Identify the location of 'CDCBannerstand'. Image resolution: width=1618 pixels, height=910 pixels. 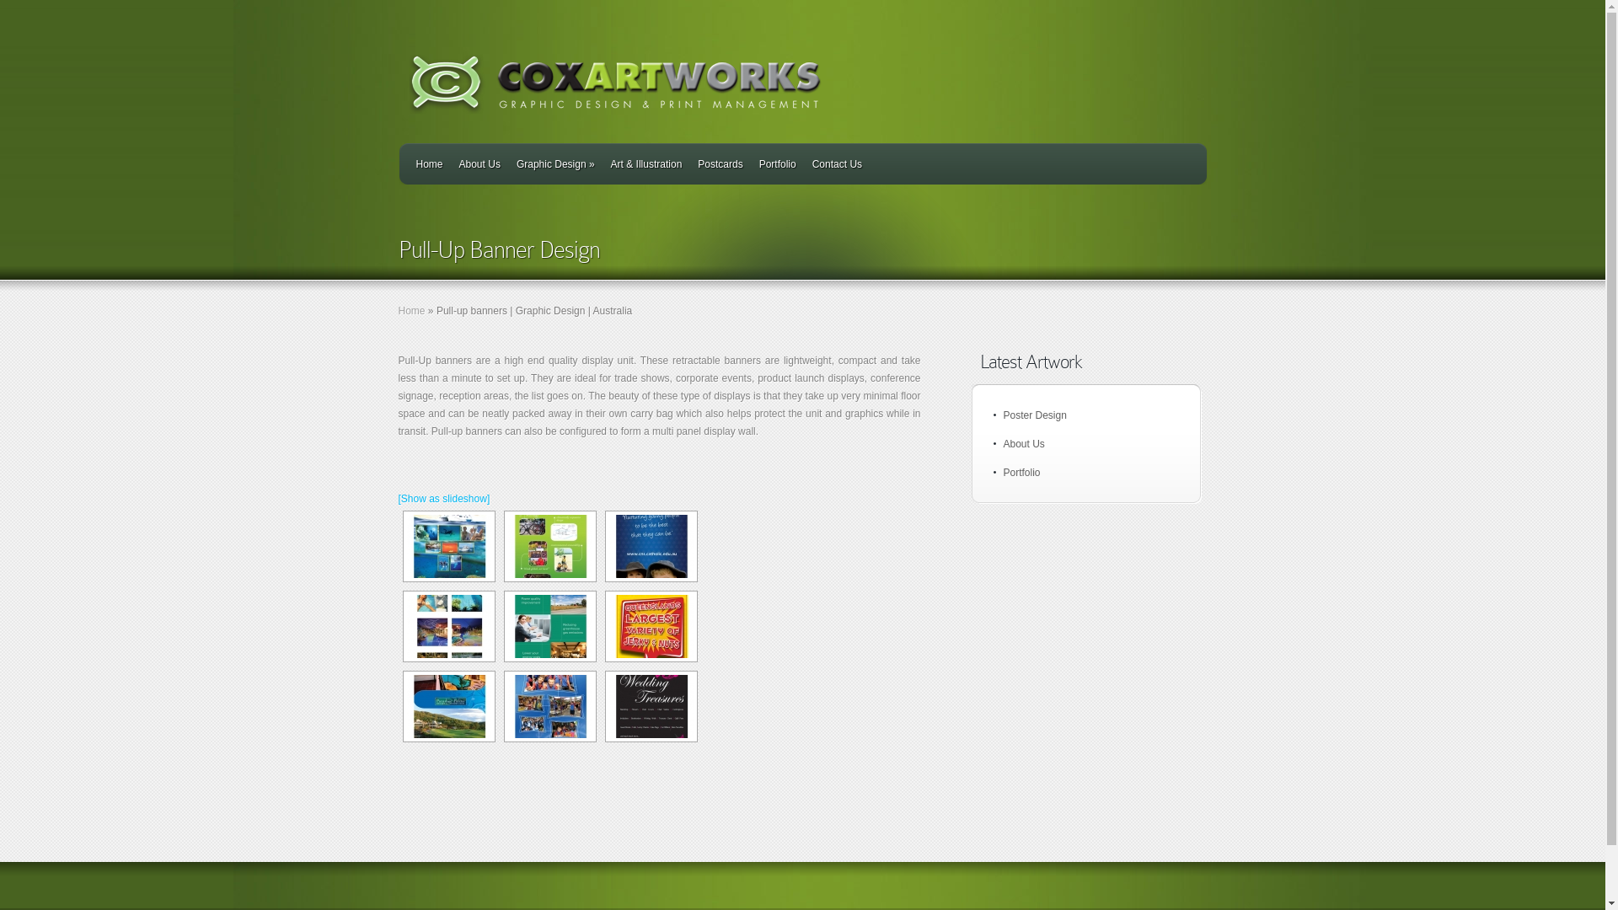
(405, 546).